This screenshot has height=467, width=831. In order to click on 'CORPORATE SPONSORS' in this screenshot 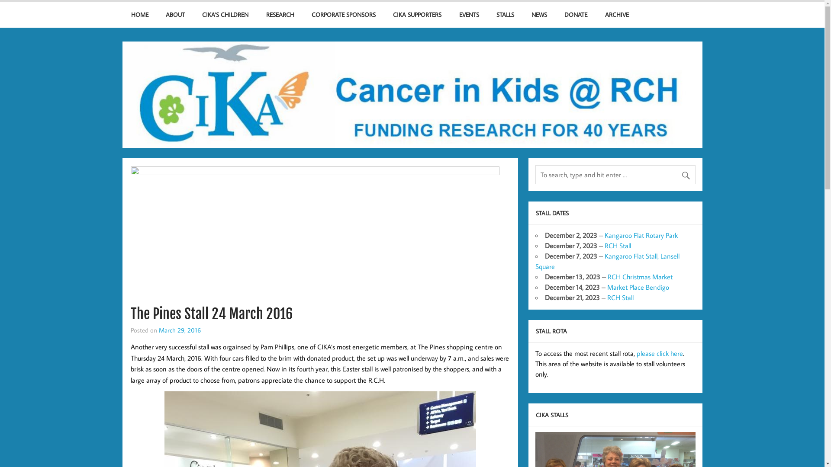, I will do `click(343, 15)`.